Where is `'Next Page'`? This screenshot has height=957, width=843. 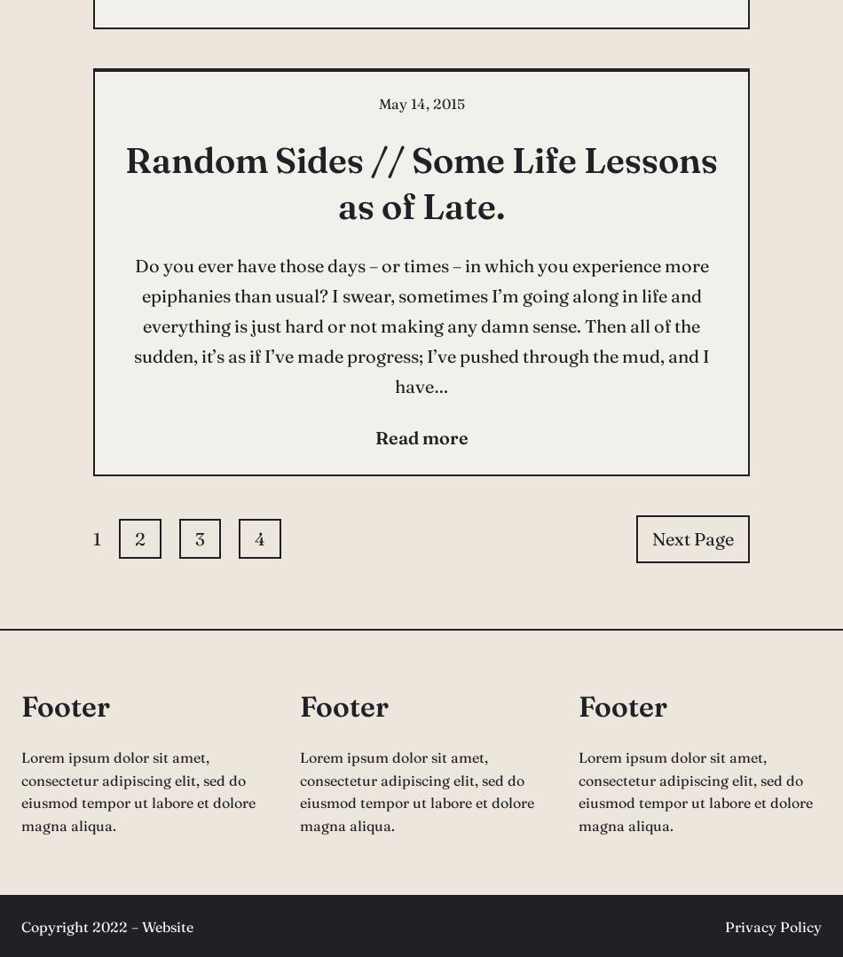 'Next Page' is located at coordinates (691, 537).